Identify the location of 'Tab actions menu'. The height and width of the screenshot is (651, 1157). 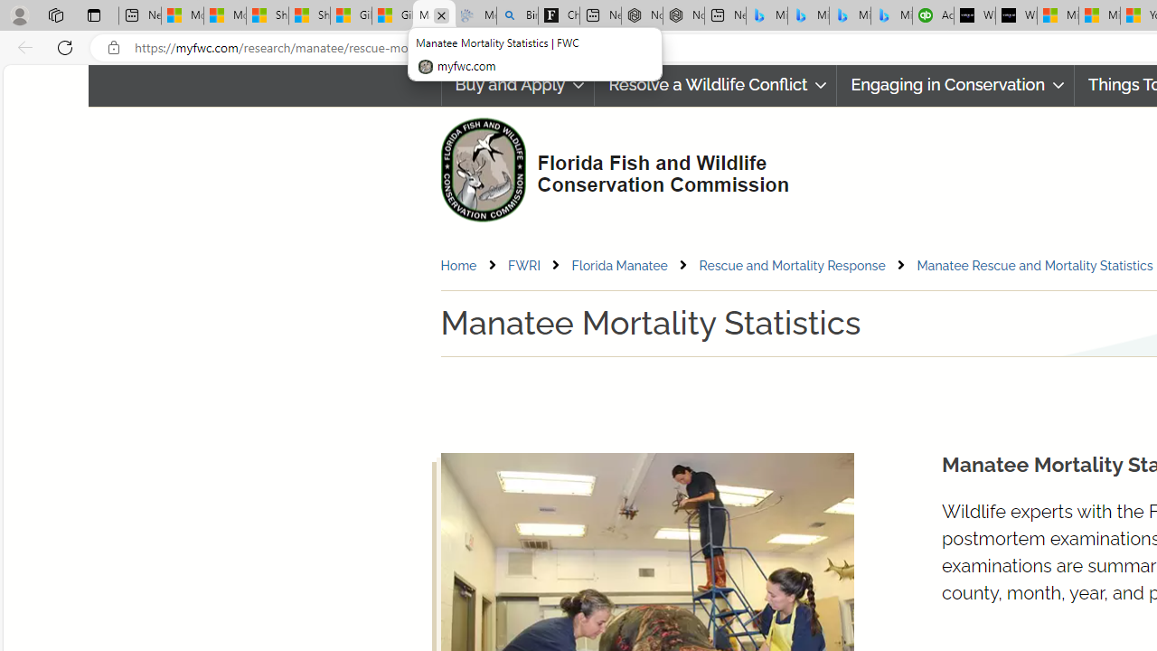
(93, 14).